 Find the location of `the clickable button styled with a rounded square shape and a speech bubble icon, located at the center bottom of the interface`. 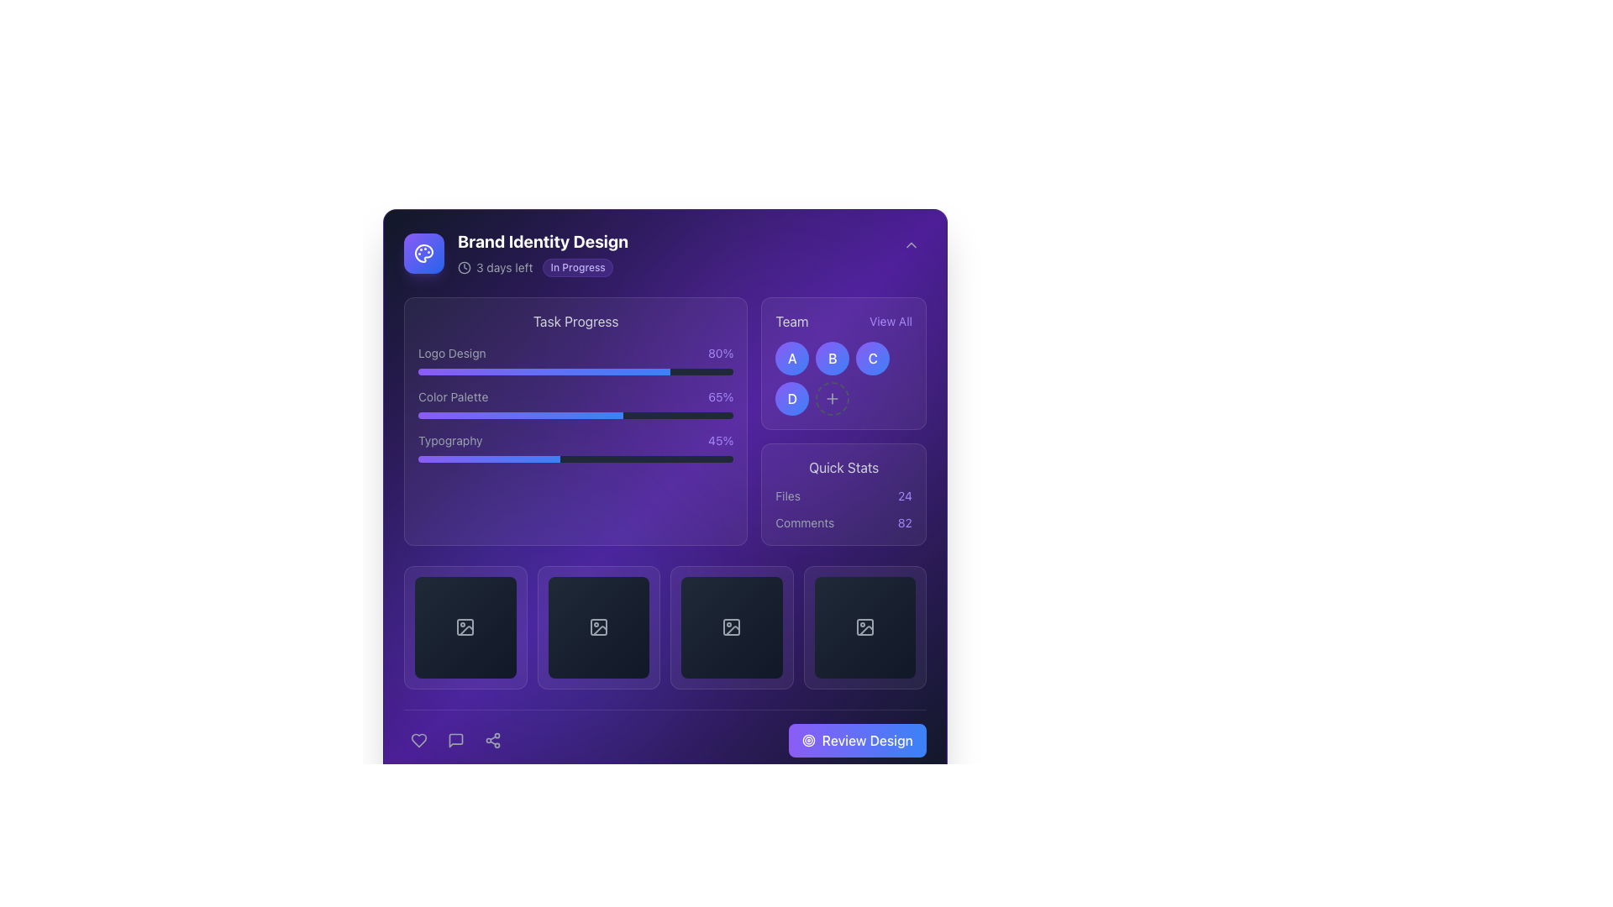

the clickable button styled with a rounded square shape and a speech bubble icon, located at the center bottom of the interface is located at coordinates (455, 738).